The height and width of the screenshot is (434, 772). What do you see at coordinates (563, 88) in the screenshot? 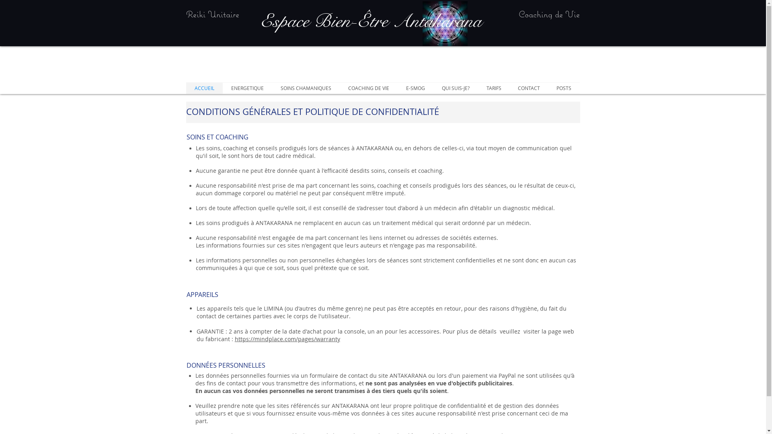
I see `'POSTS'` at bounding box center [563, 88].